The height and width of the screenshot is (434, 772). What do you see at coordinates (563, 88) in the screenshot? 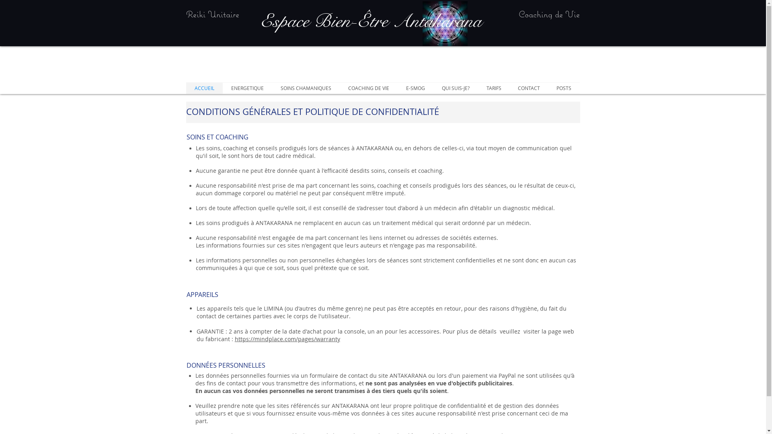
I see `'POSTS'` at bounding box center [563, 88].